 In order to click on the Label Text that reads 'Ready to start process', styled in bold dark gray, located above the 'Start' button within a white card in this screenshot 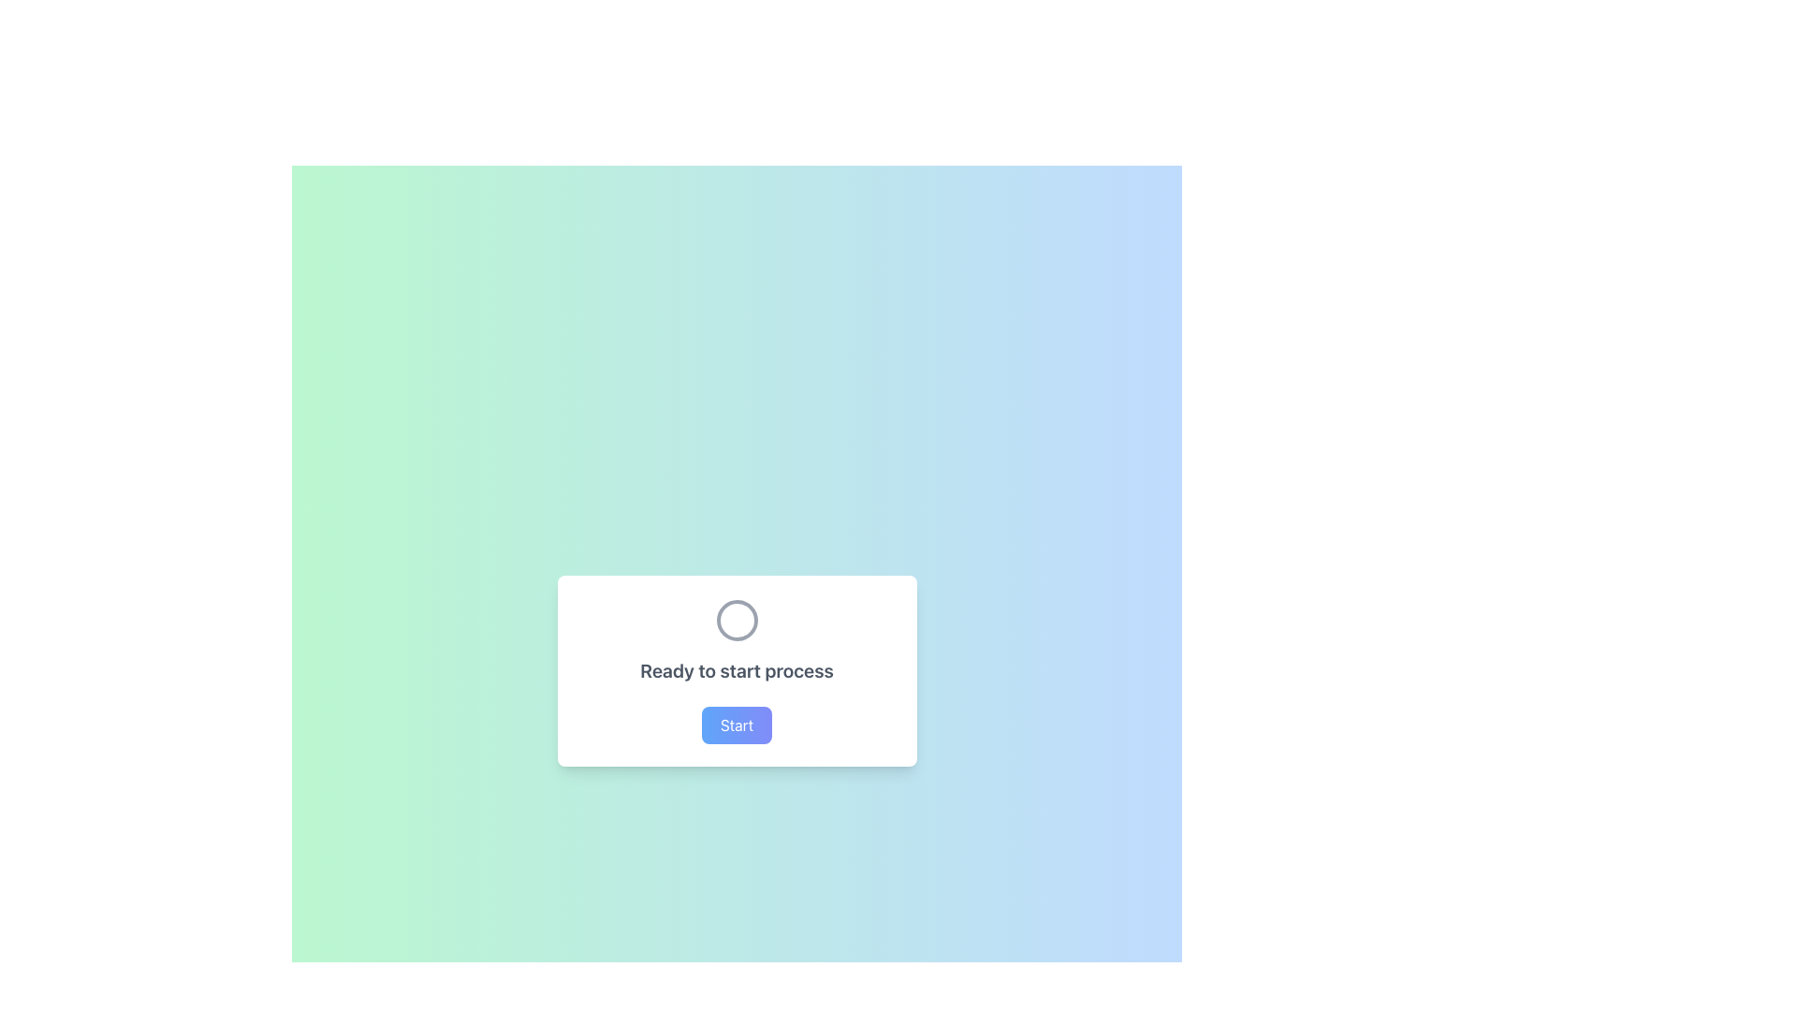, I will do `click(736, 670)`.